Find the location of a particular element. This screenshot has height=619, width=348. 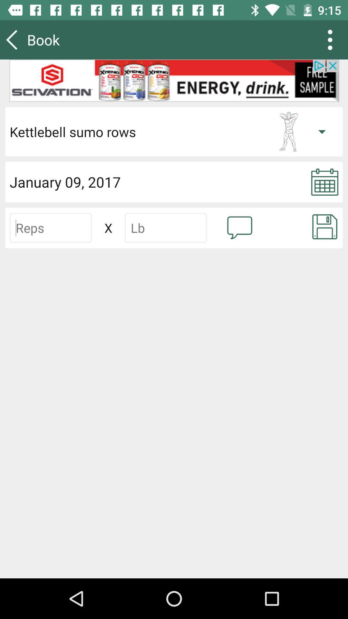

advertisement is located at coordinates (174, 80).